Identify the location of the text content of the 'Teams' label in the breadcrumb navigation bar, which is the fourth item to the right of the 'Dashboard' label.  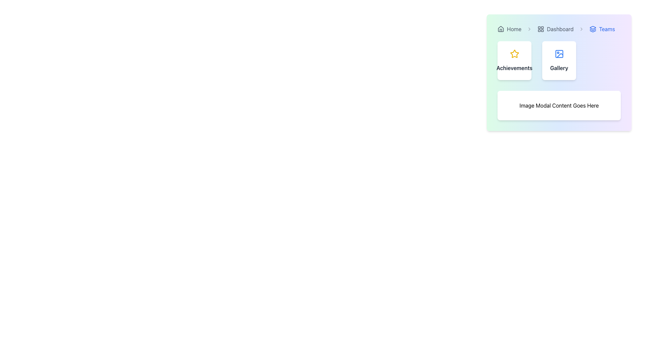
(607, 29).